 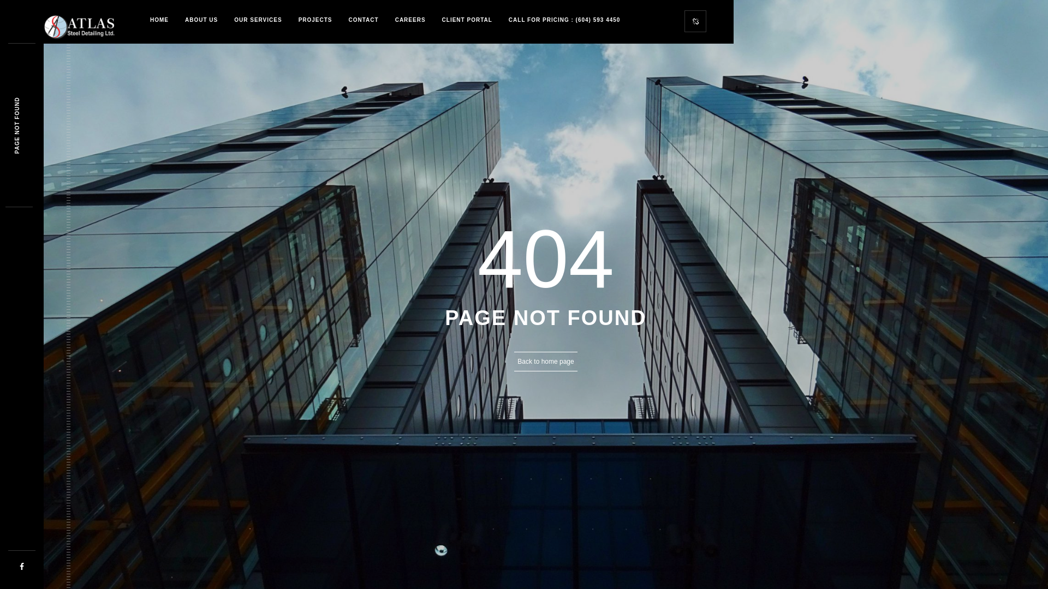 What do you see at coordinates (257, 20) in the screenshot?
I see `'OUR SERVICES'` at bounding box center [257, 20].